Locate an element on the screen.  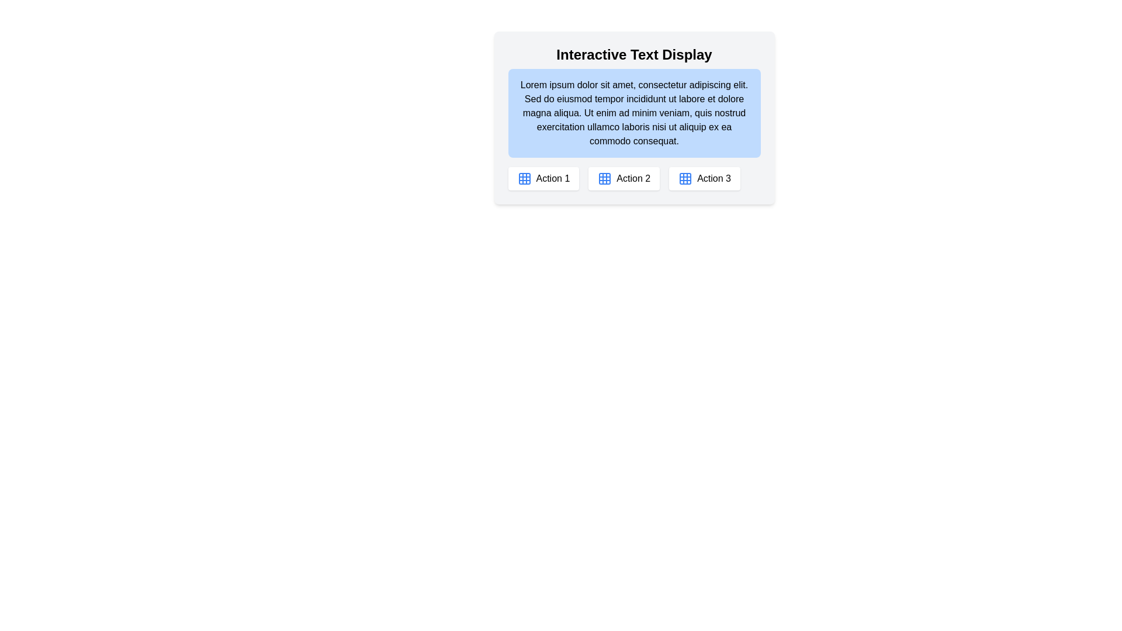
the grid icon embedded in the 'Action 3' button located on the bottom row of the dialog box is located at coordinates (685, 178).